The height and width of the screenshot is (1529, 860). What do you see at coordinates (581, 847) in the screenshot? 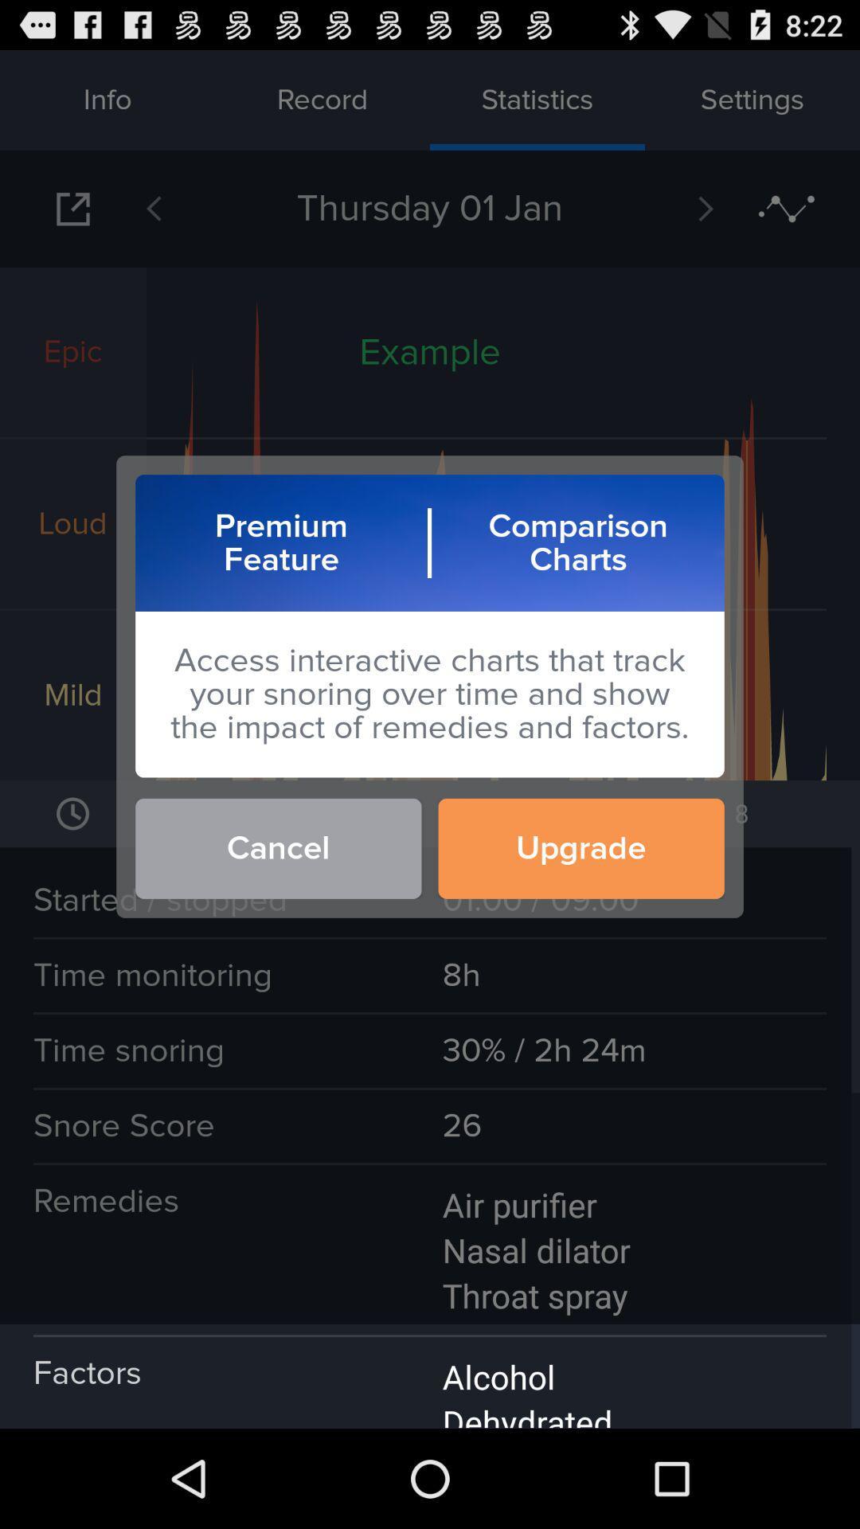
I see `the upgrade icon` at bounding box center [581, 847].